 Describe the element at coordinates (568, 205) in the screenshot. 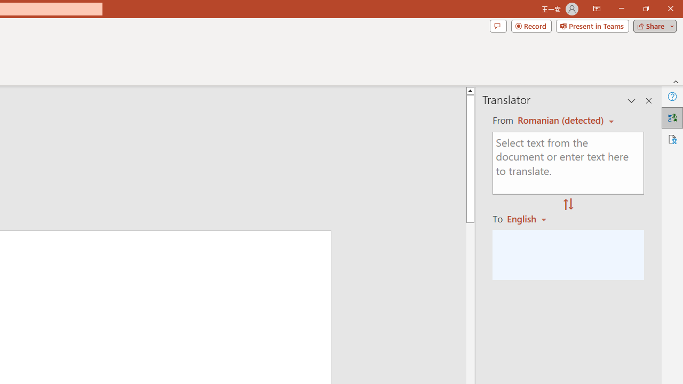

I see `'Swap "from" and "to" languages.'` at that location.